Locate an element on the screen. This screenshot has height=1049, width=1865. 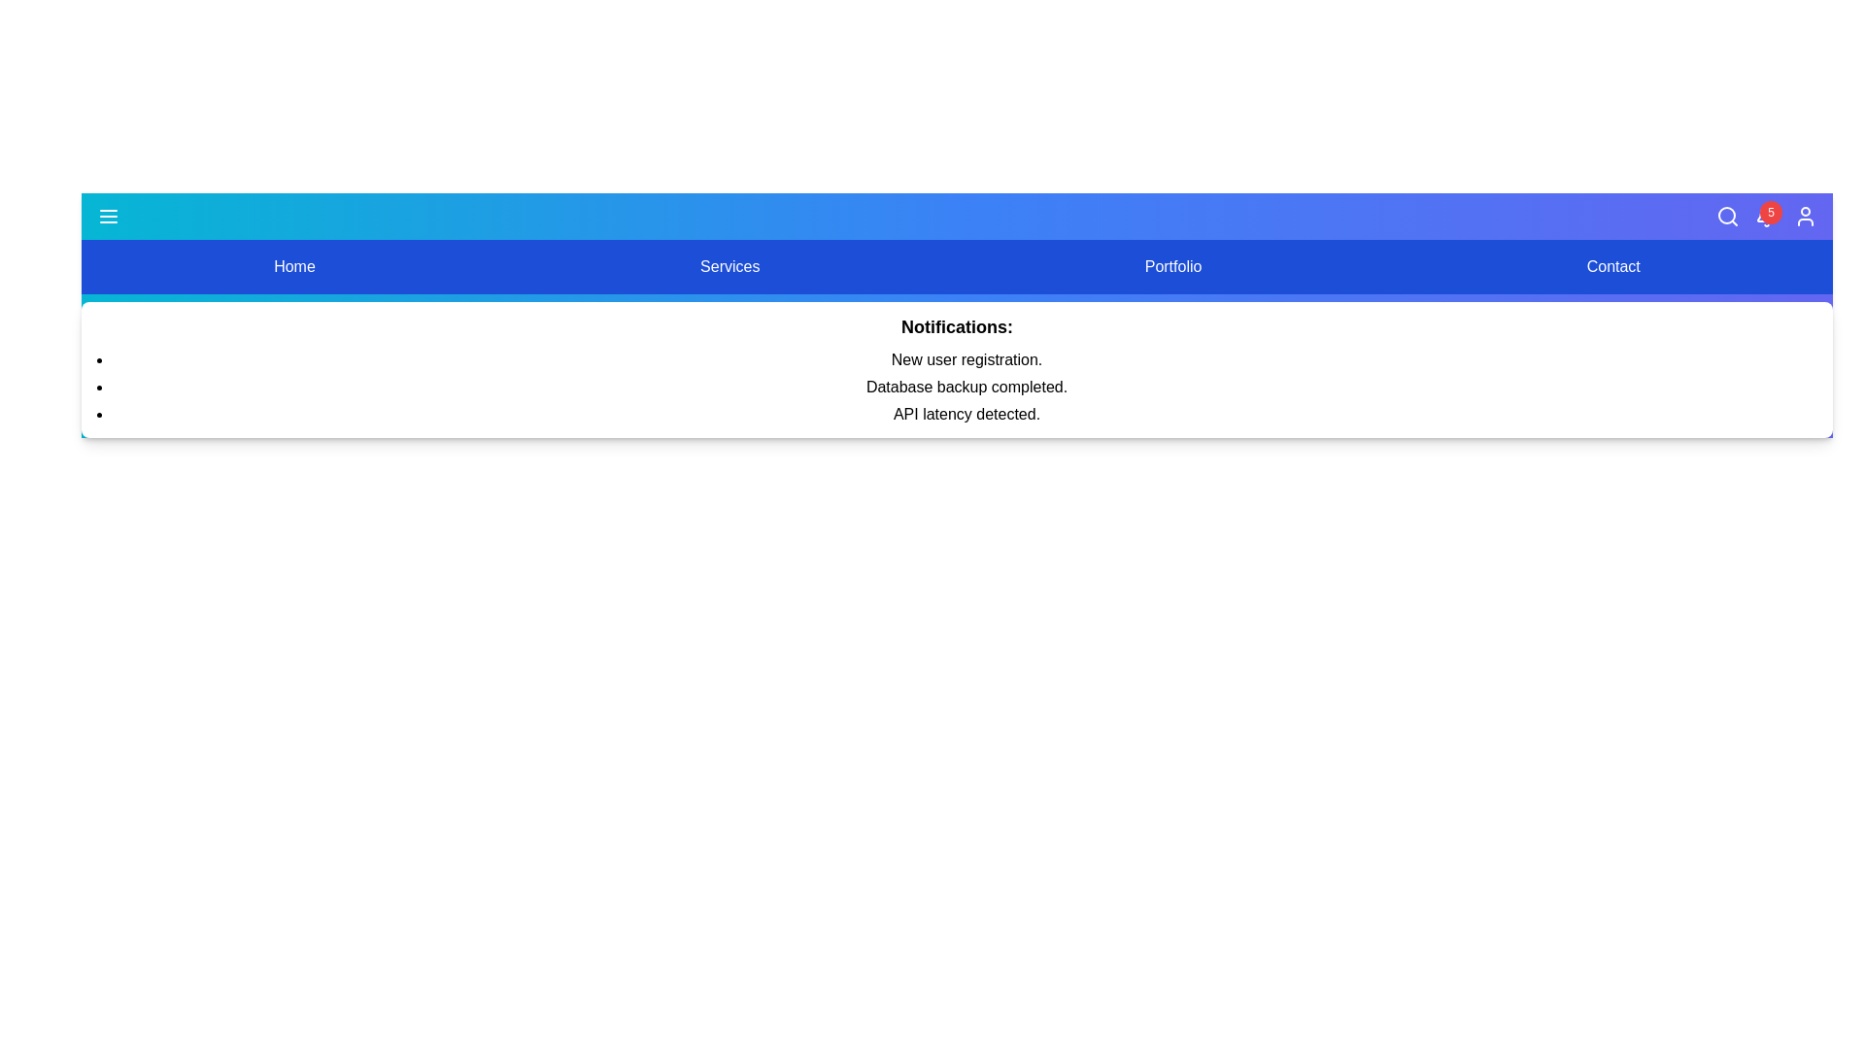
the bell icon button to toggle the notifications panel is located at coordinates (1767, 217).